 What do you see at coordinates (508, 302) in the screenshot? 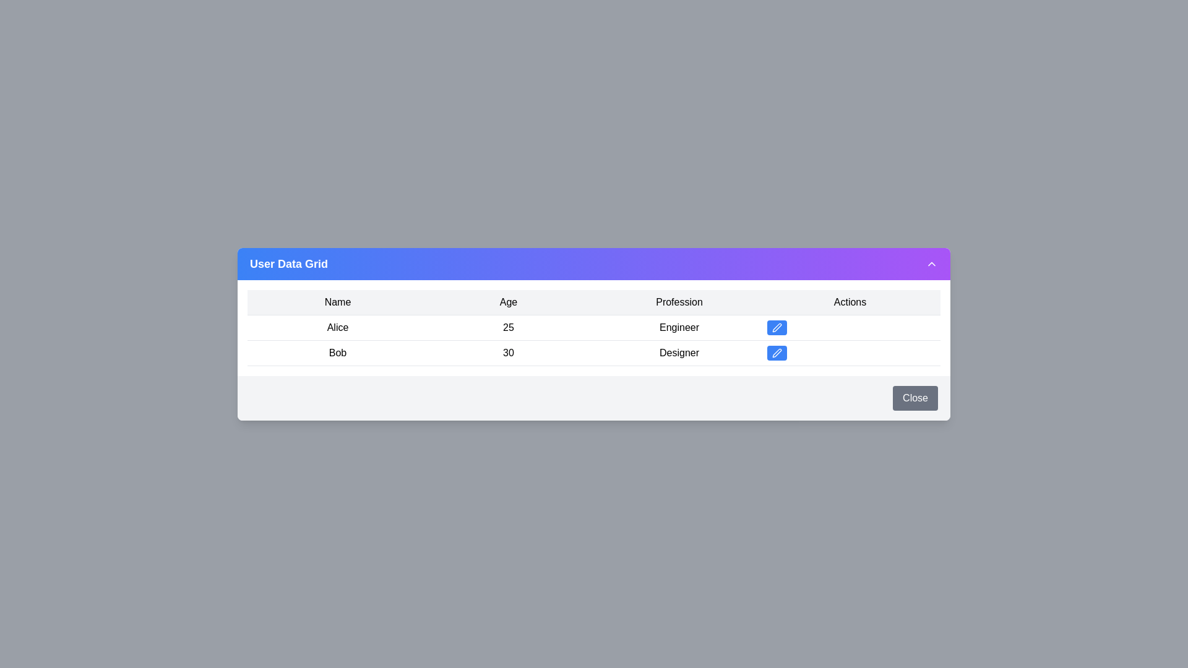
I see `the 'Age' column header label, which is the second column header in the data table, positioned between 'Name' and 'Profession'` at bounding box center [508, 302].